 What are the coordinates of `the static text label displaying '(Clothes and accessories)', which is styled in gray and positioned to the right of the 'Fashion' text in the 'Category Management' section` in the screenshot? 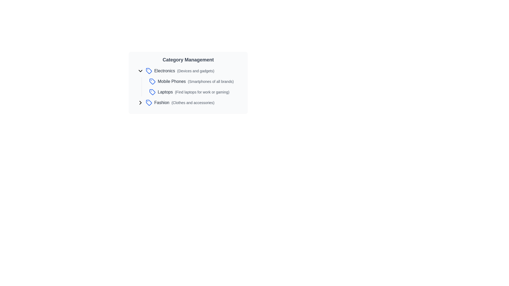 It's located at (192, 103).